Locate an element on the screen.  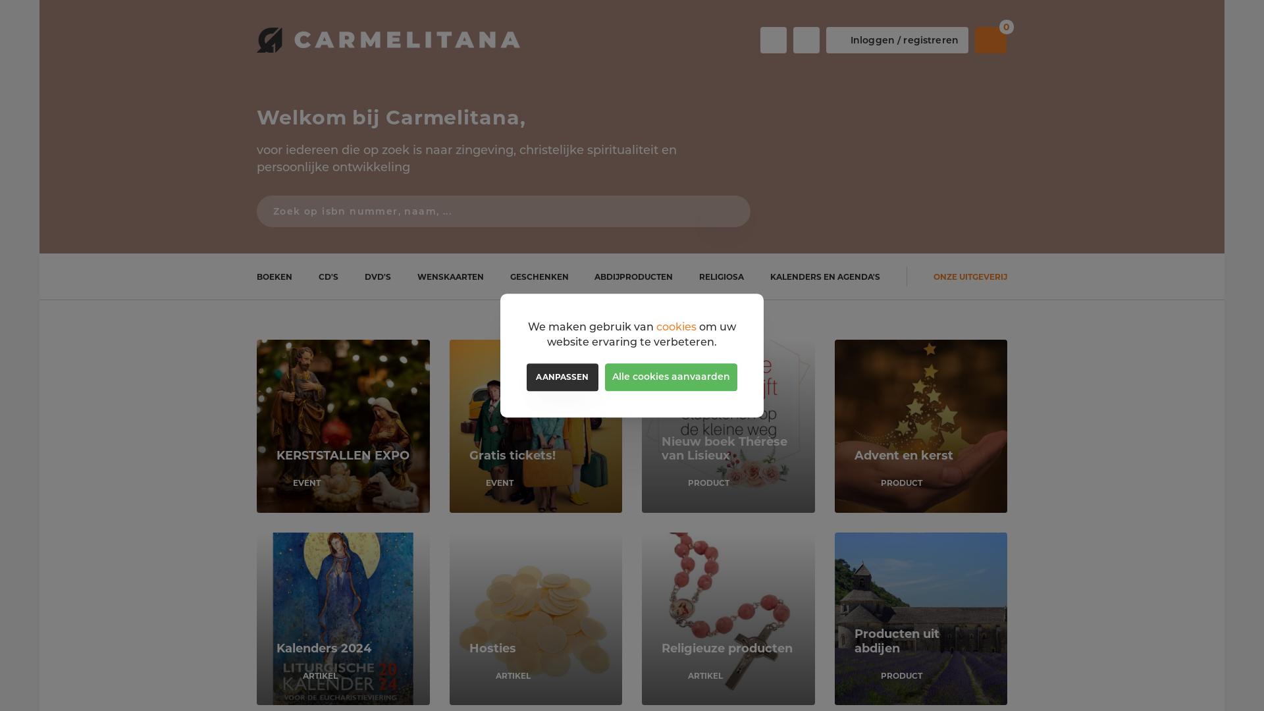
'Advent en kerst is located at coordinates (920, 426).